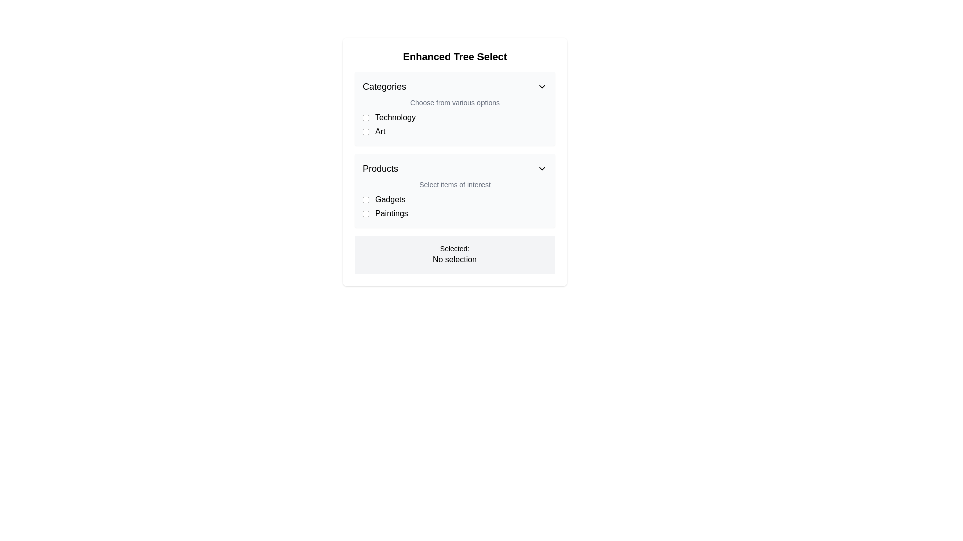 This screenshot has width=963, height=541. What do you see at coordinates (380, 131) in the screenshot?
I see `the text label that describes the selection option for the adjacent checkbox, located in the 'Categories' section, positioned below 'Technology'` at bounding box center [380, 131].